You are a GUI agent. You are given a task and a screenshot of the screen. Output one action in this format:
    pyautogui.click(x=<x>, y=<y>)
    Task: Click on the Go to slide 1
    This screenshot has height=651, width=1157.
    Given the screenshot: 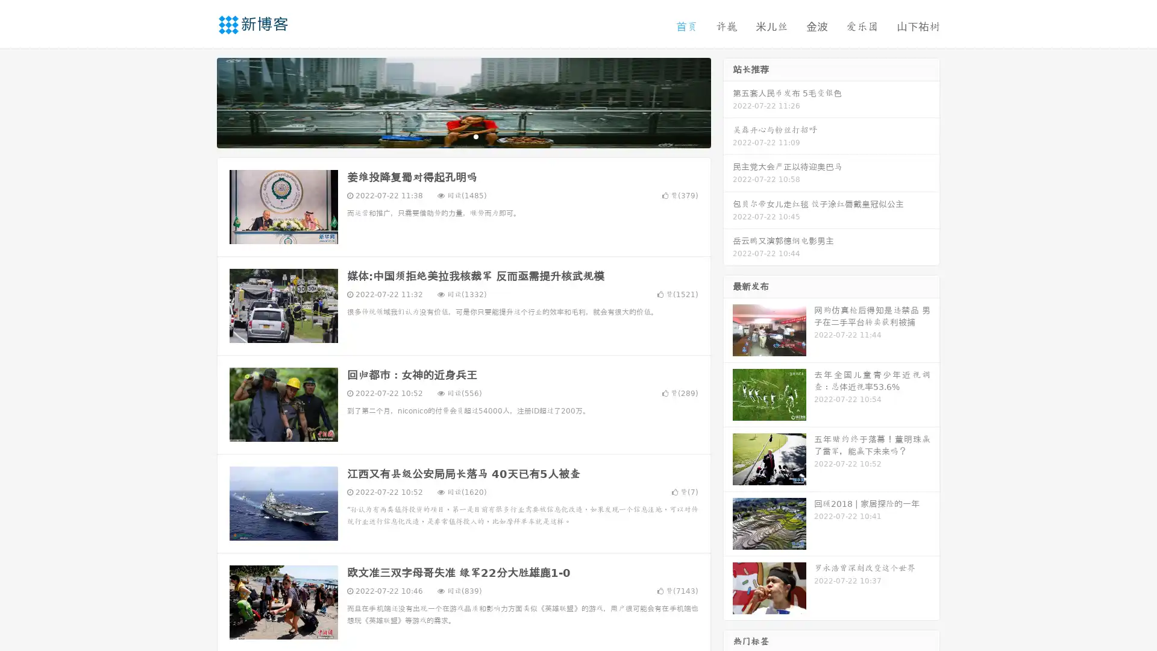 What is the action you would take?
    pyautogui.click(x=451, y=136)
    